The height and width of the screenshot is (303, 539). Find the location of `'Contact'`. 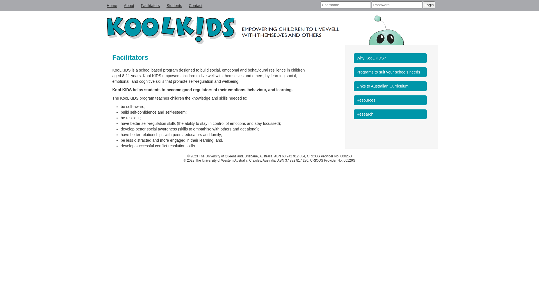

'Contact' is located at coordinates (195, 5).